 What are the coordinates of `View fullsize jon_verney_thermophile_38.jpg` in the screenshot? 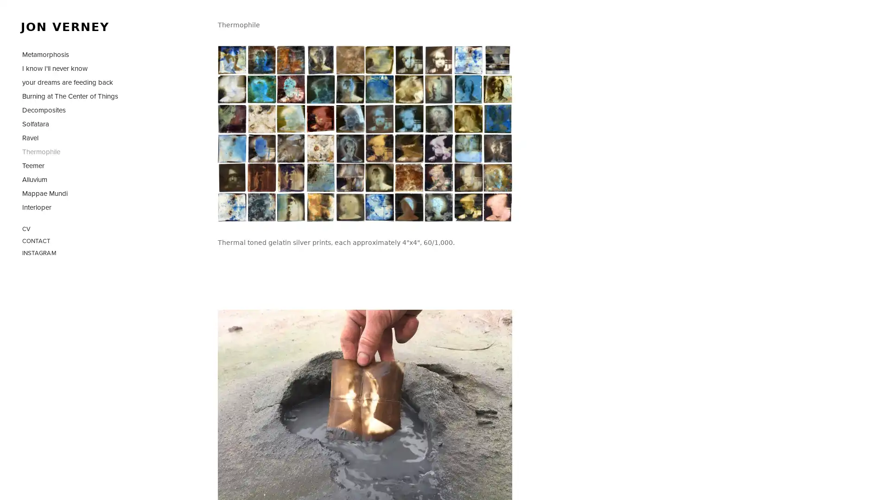 It's located at (291, 89).